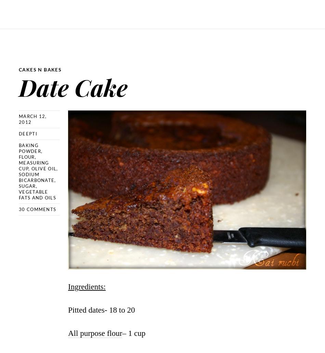  I want to click on 'olive oil', so click(31, 168).